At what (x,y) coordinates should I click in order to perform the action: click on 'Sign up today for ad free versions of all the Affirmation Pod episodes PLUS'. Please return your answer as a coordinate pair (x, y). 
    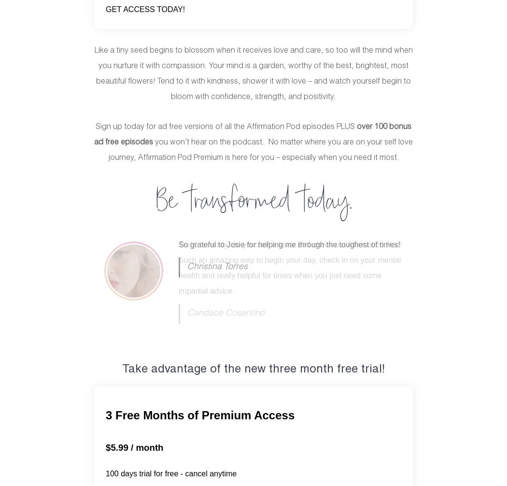
    Looking at the image, I should click on (95, 126).